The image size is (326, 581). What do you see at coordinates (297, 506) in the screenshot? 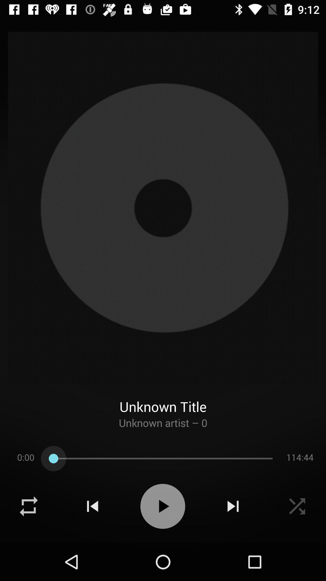
I see `shuffle` at bounding box center [297, 506].